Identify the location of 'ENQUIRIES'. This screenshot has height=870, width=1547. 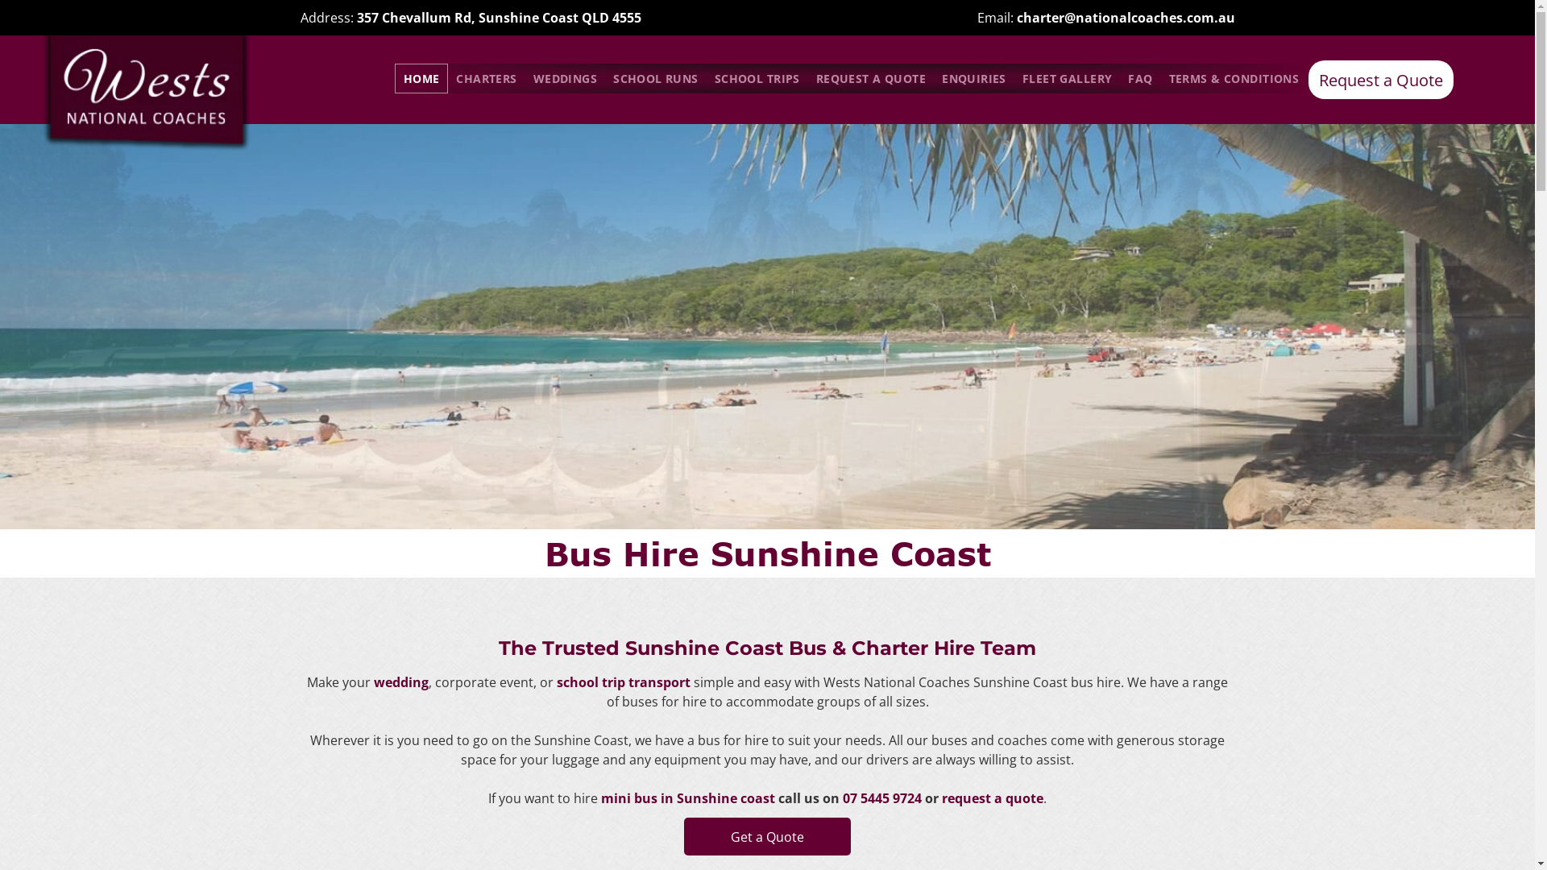
(973, 78).